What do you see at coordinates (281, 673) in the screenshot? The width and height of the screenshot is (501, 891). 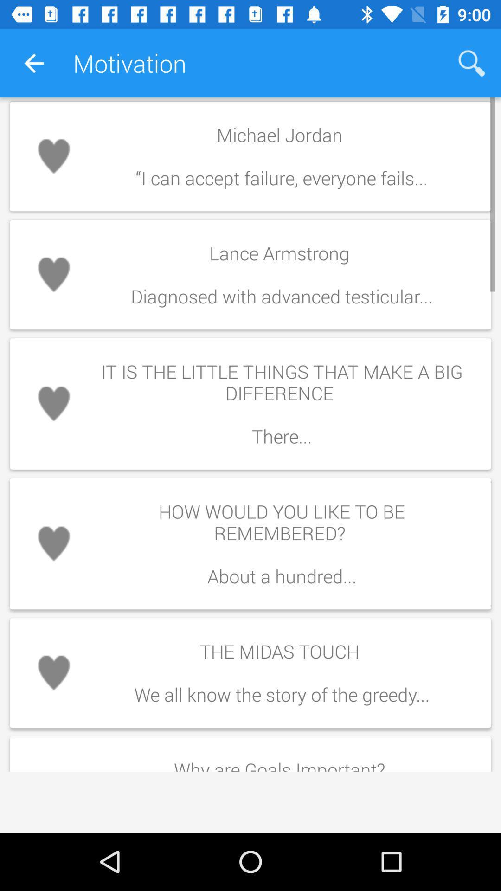 I see `the icon above why are goals` at bounding box center [281, 673].